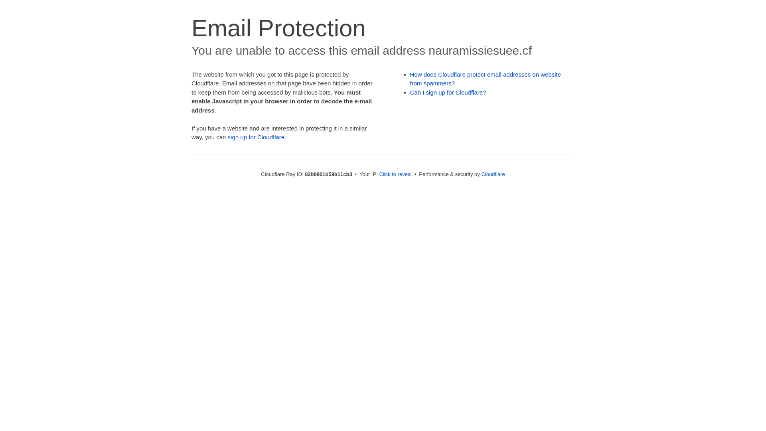  Describe the element at coordinates (227, 136) in the screenshot. I see `'sign up for Cloudflare'` at that location.